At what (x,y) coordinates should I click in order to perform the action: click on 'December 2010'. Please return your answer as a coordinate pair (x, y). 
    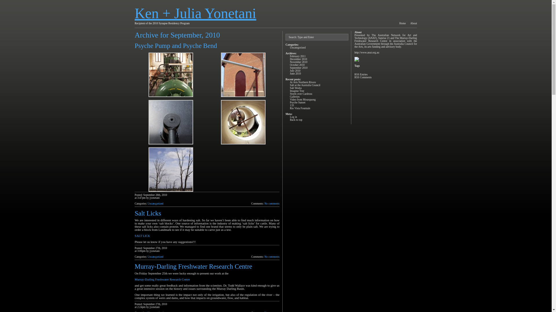
    Looking at the image, I should click on (298, 59).